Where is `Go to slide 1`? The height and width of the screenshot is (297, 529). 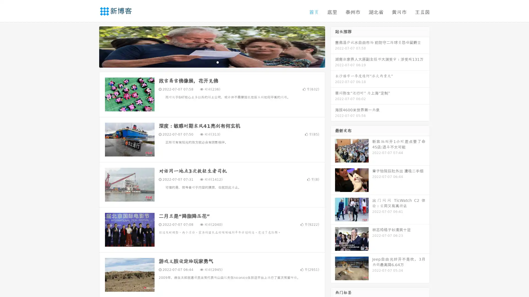 Go to slide 1 is located at coordinates (206, 62).